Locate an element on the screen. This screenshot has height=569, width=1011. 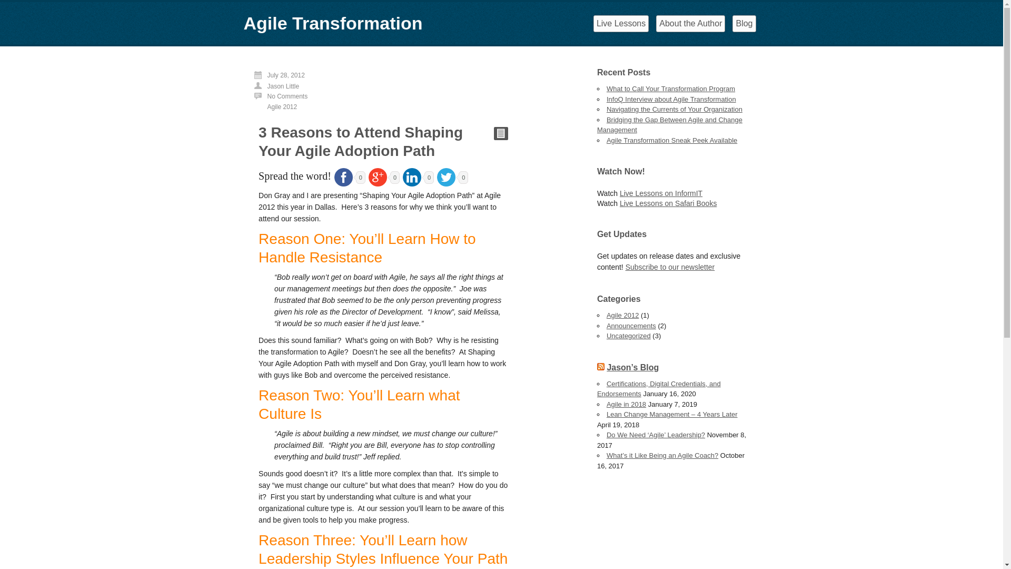
'About the Author' is located at coordinates (690, 24).